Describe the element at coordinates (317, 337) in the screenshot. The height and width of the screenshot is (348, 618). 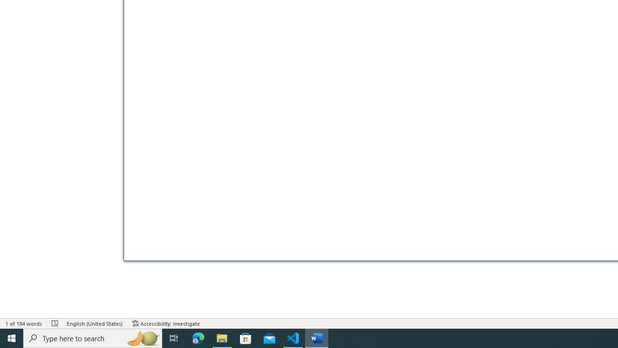
I see `'Word - 1 running window'` at that location.